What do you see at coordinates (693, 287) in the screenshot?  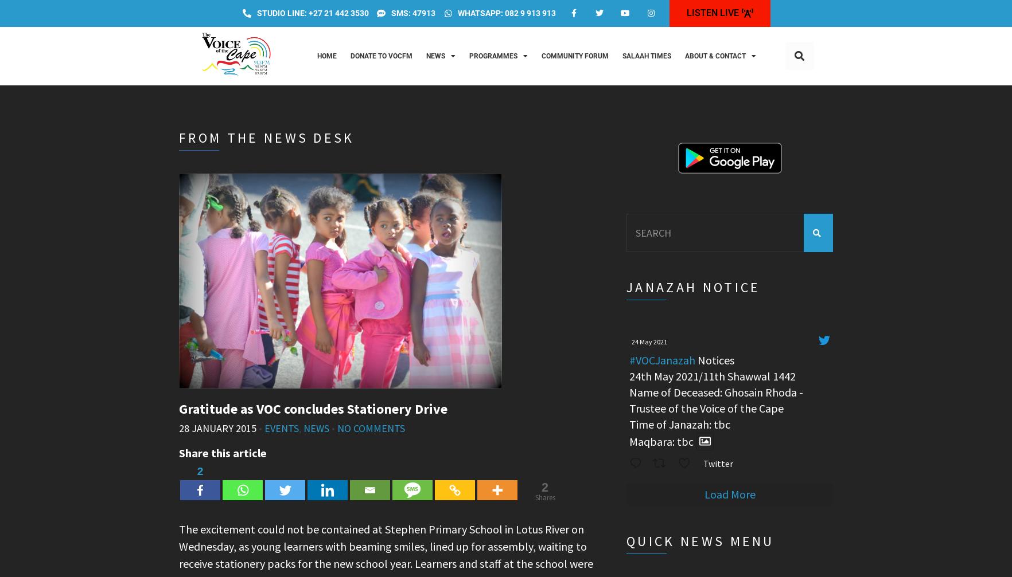 I see `'Janazah Notice'` at bounding box center [693, 287].